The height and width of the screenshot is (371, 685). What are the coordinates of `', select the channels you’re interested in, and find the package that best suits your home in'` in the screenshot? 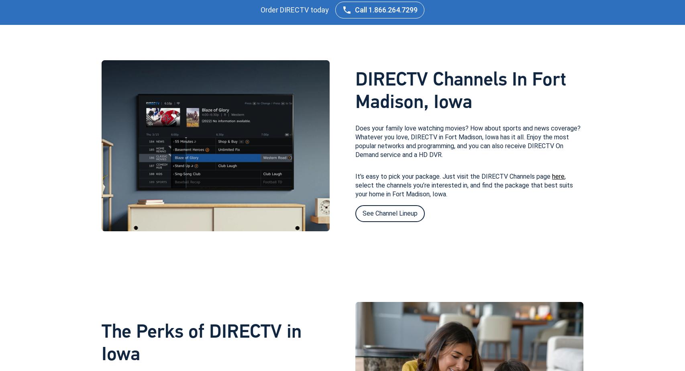 It's located at (464, 185).